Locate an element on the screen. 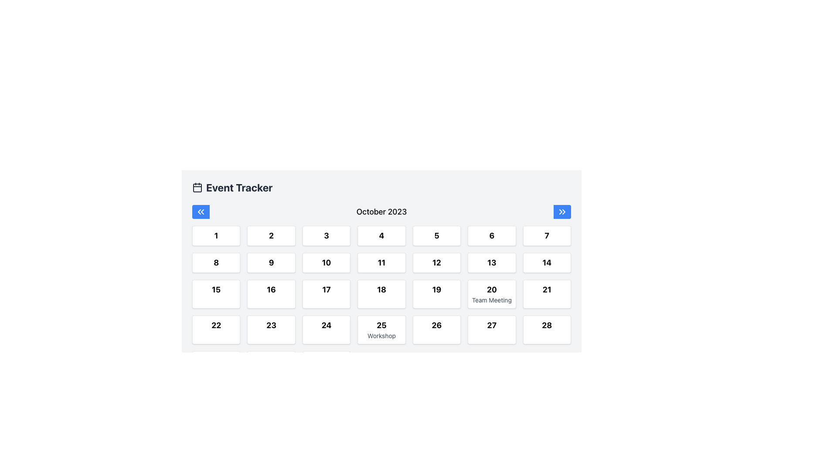 This screenshot has height=470, width=837. the text display showing the date '7' in the calendar, located in the second row and seventh column of the grid layout is located at coordinates (546, 236).